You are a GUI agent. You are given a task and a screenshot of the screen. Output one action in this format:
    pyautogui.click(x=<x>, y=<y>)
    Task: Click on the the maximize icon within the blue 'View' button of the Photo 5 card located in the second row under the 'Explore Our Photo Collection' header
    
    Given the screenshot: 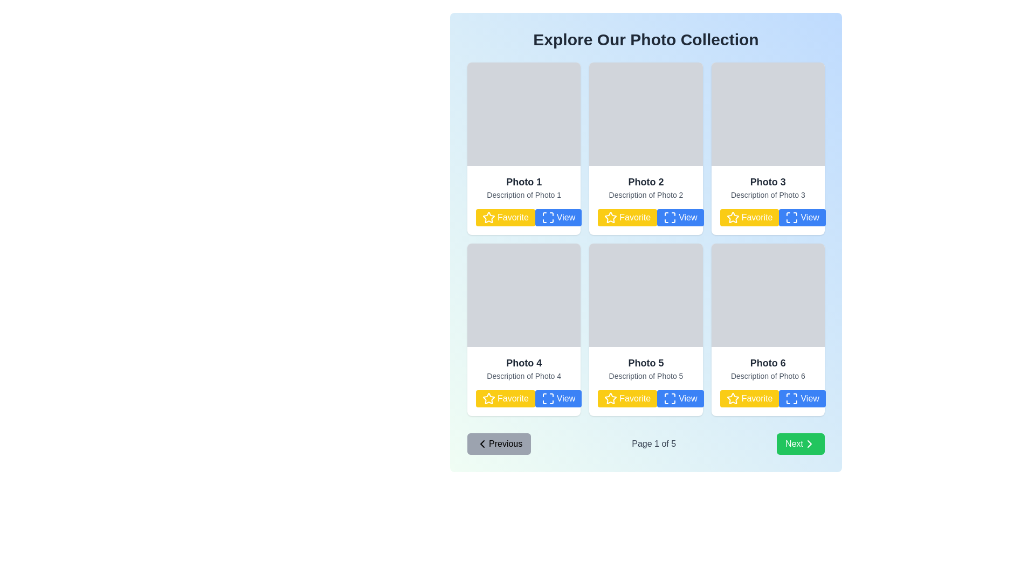 What is the action you would take?
    pyautogui.click(x=670, y=399)
    